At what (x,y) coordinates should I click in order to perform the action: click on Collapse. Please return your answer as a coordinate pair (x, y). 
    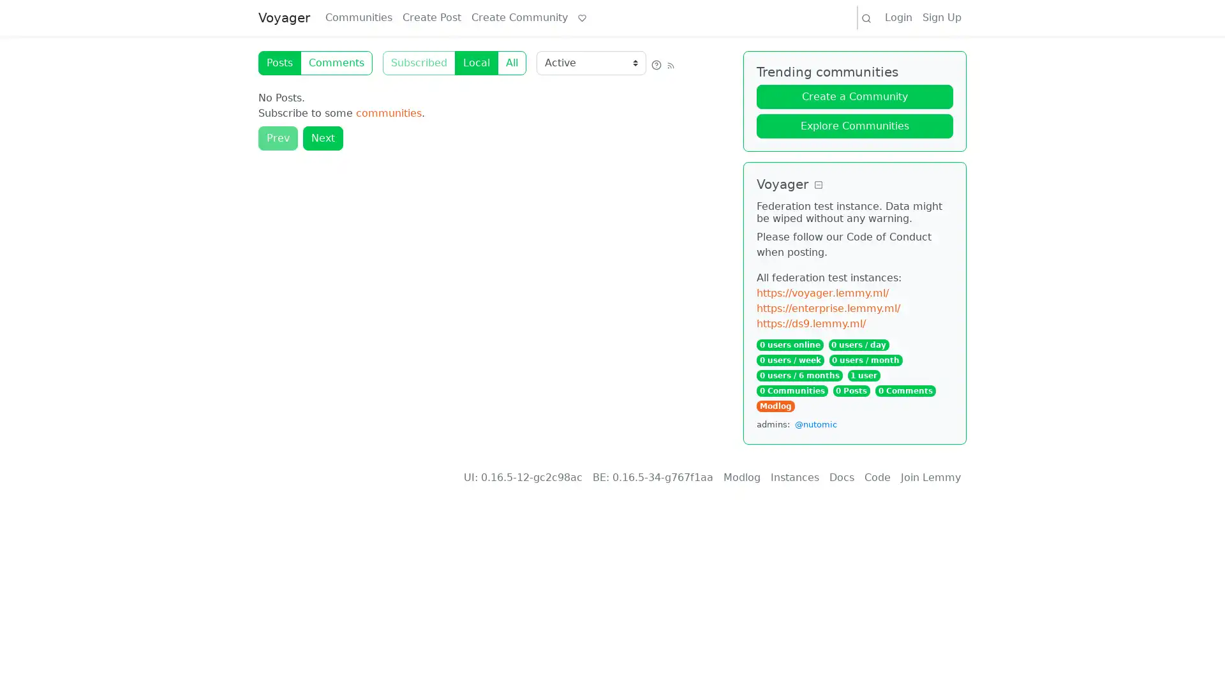
    Looking at the image, I should click on (818, 185).